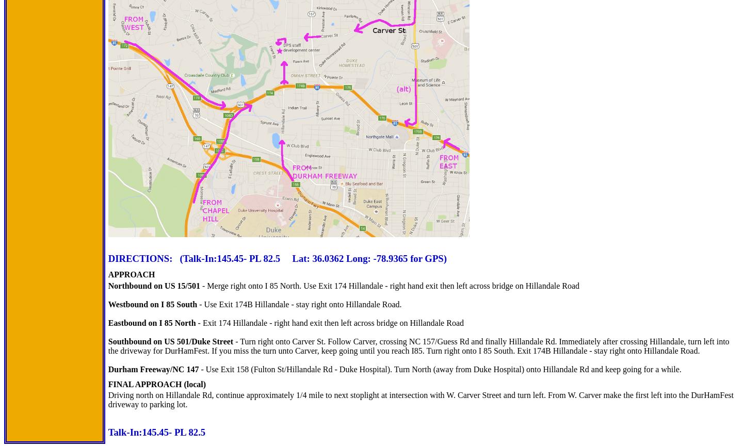 The height and width of the screenshot is (448, 743). What do you see at coordinates (199, 285) in the screenshot?
I see `'- Merge right onto I 85 North. Use Exit 174 Hillandale - right hand exit then left across bridge on Hillandale Road'` at bounding box center [199, 285].